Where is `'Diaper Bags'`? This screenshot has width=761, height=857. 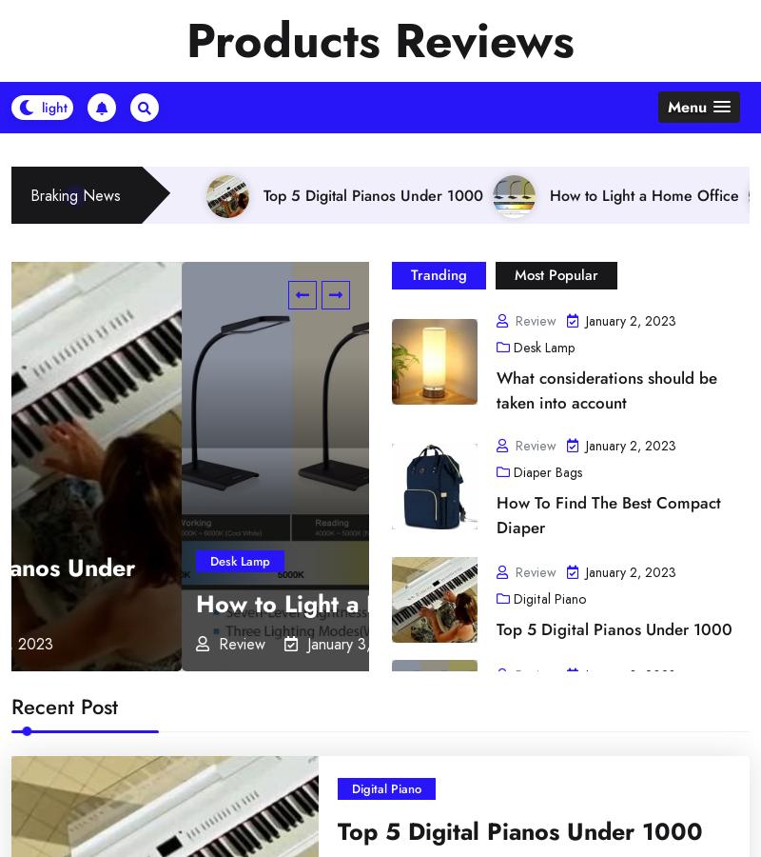
'Diaper Bags' is located at coordinates (385, 642).